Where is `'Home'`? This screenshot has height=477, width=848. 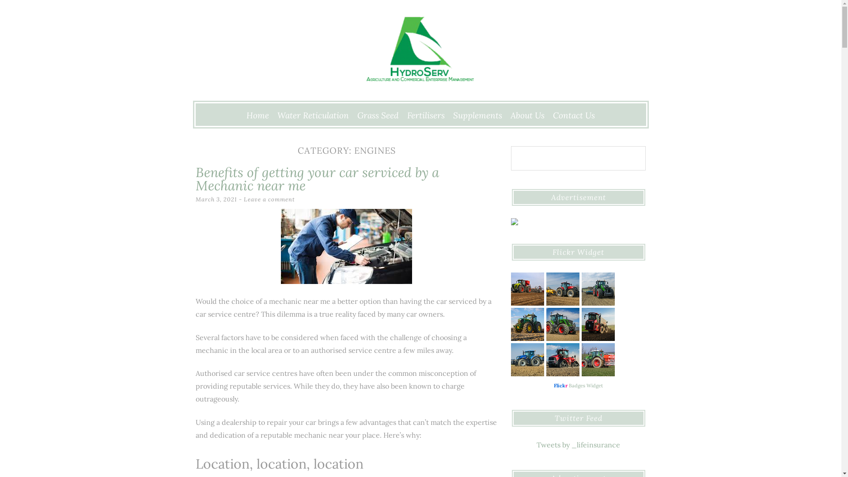 'Home' is located at coordinates (246, 115).